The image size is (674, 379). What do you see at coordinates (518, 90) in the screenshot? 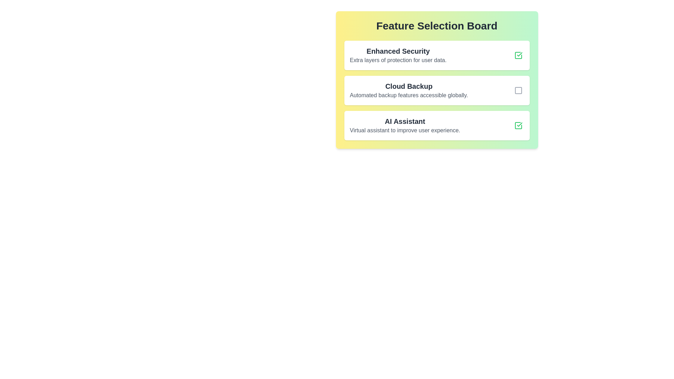
I see `the Checkbox-style control for the 'Cloud Backup' option` at bounding box center [518, 90].